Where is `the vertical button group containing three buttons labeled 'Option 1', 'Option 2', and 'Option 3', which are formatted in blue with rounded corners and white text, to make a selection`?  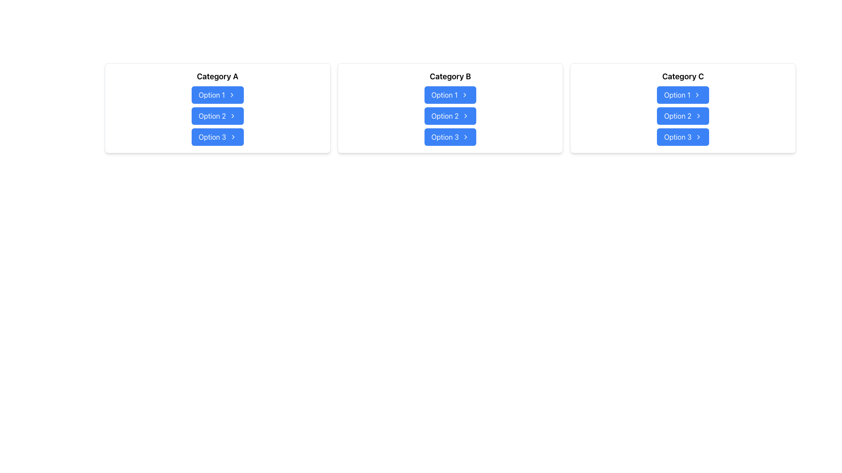 the vertical button group containing three buttons labeled 'Option 1', 'Option 2', and 'Option 3', which are formatted in blue with rounded corners and white text, to make a selection is located at coordinates (218, 116).